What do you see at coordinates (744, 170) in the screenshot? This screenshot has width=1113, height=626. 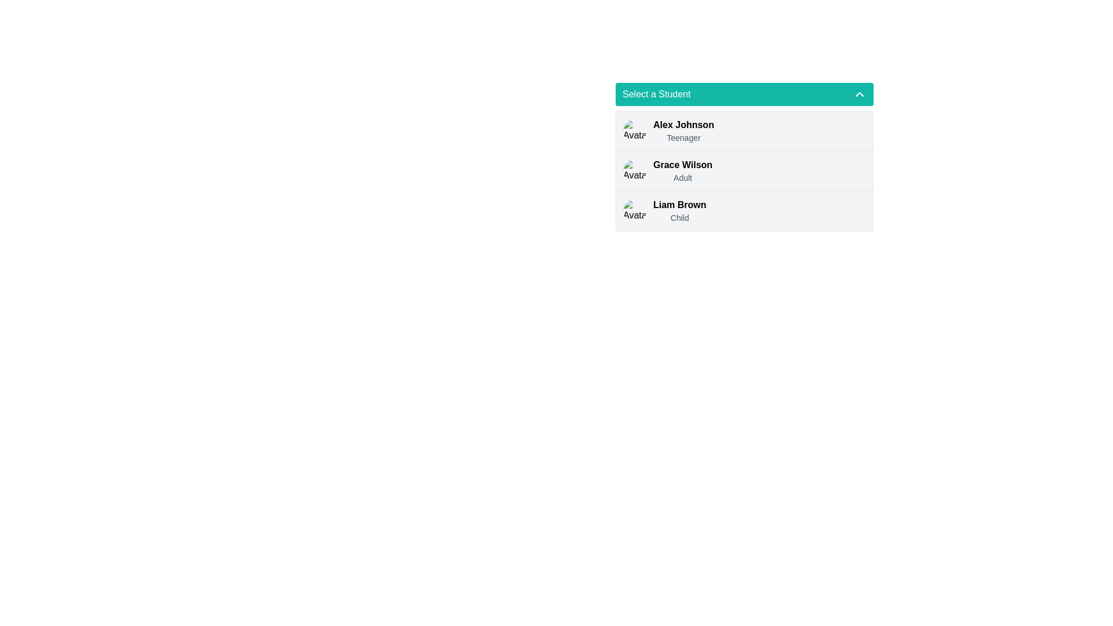 I see `the list item displaying 'Grace Wilson' with an avatar` at bounding box center [744, 170].